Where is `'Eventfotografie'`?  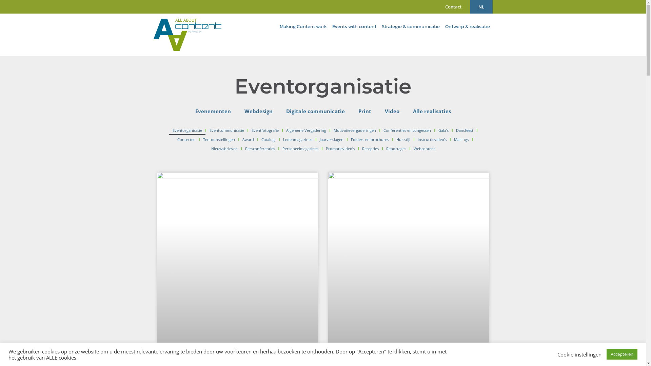 'Eventfotografie' is located at coordinates (247, 130).